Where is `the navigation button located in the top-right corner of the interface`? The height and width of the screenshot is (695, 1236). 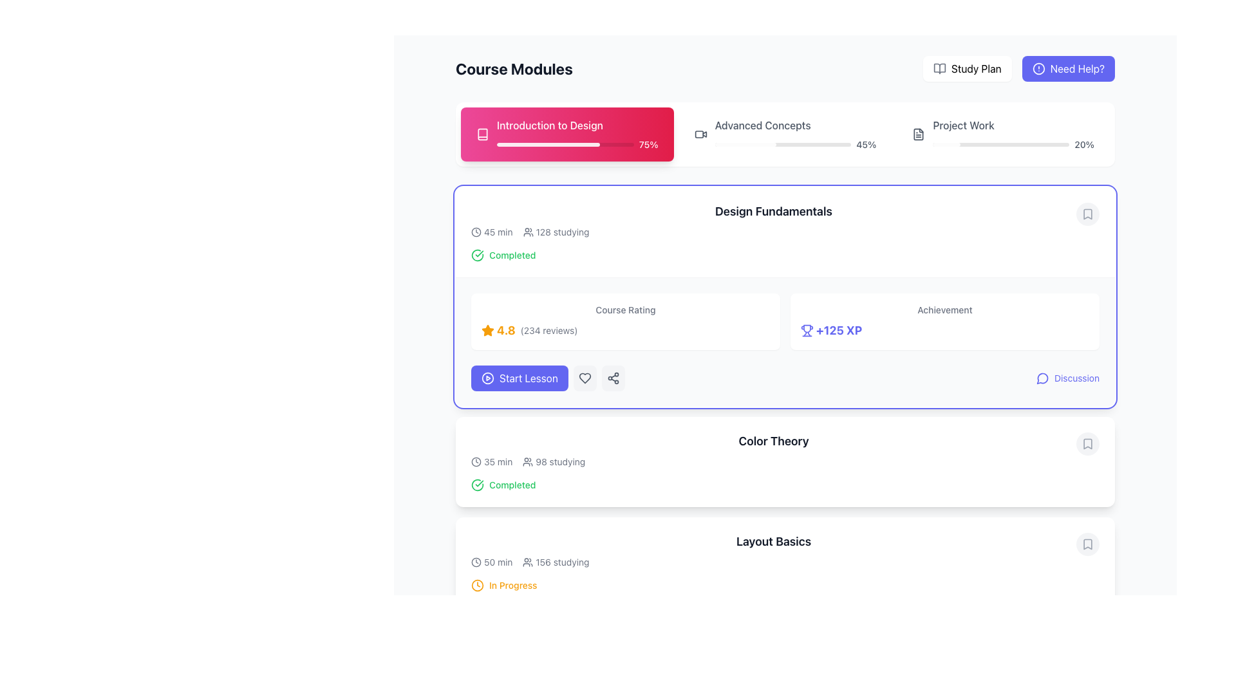
the navigation button located in the top-right corner of the interface is located at coordinates (967, 69).